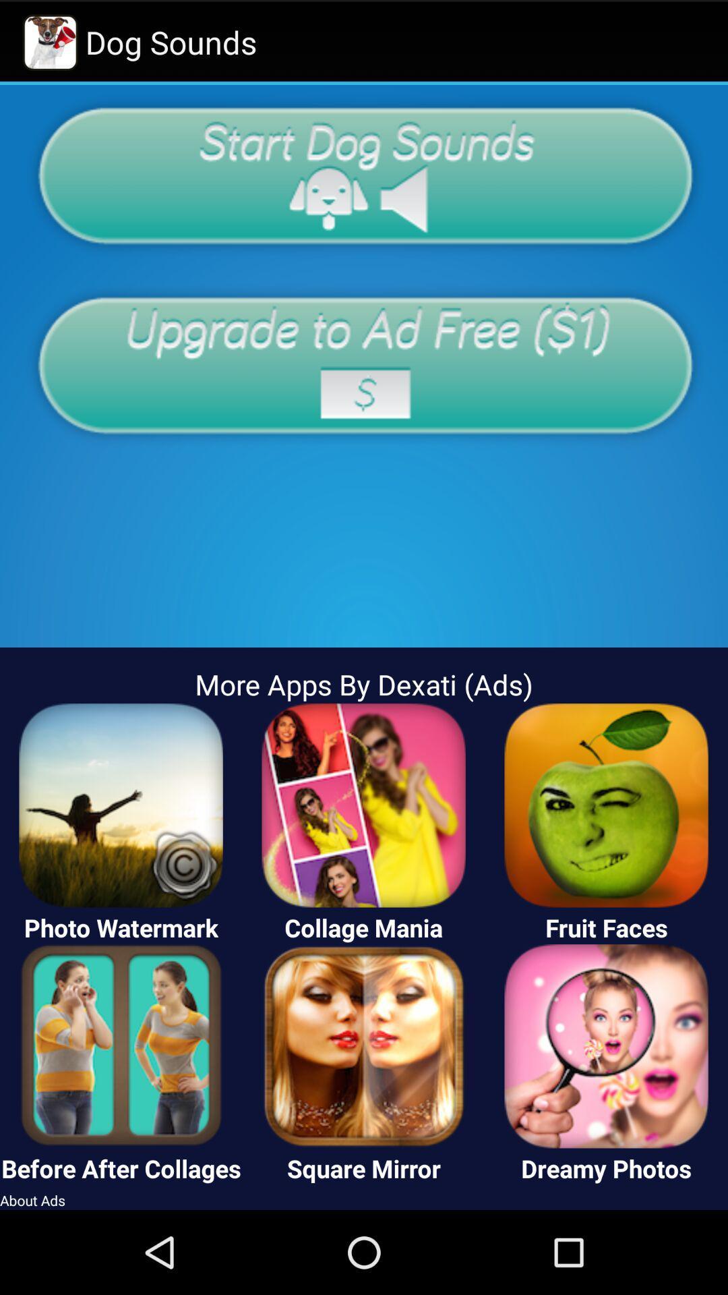  Describe the element at coordinates (364, 365) in the screenshot. I see `upgrade app` at that location.